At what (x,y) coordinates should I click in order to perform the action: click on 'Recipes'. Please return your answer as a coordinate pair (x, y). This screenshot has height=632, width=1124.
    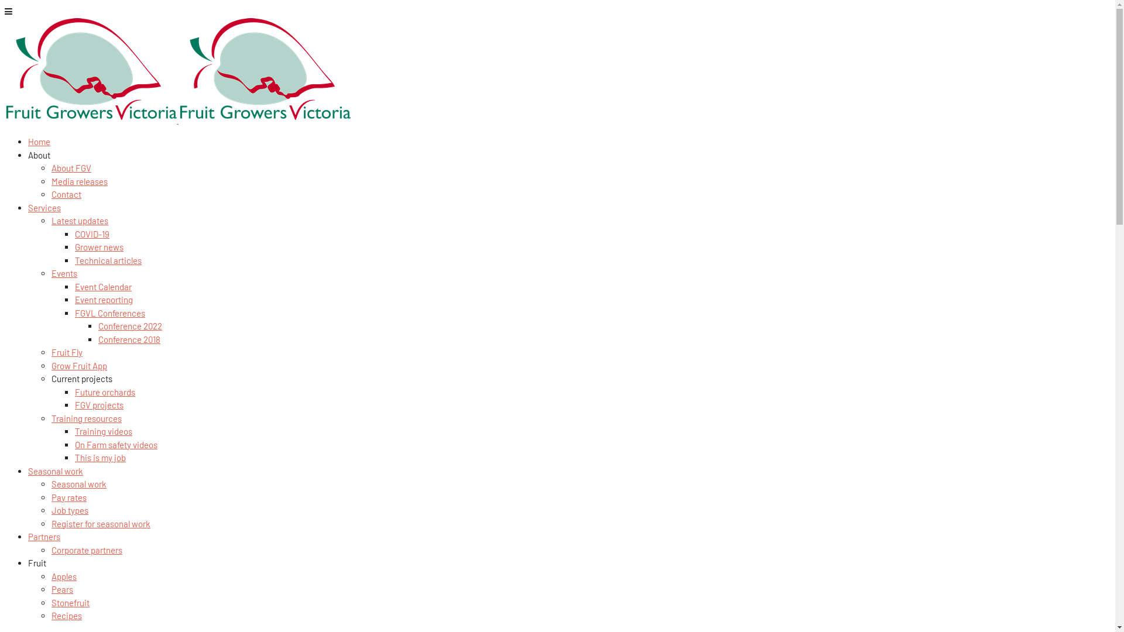
    Looking at the image, I should click on (66, 615).